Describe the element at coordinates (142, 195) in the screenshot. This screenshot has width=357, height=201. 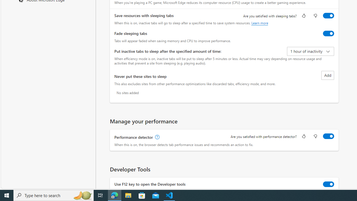
I see `'Microsoft Store'` at that location.